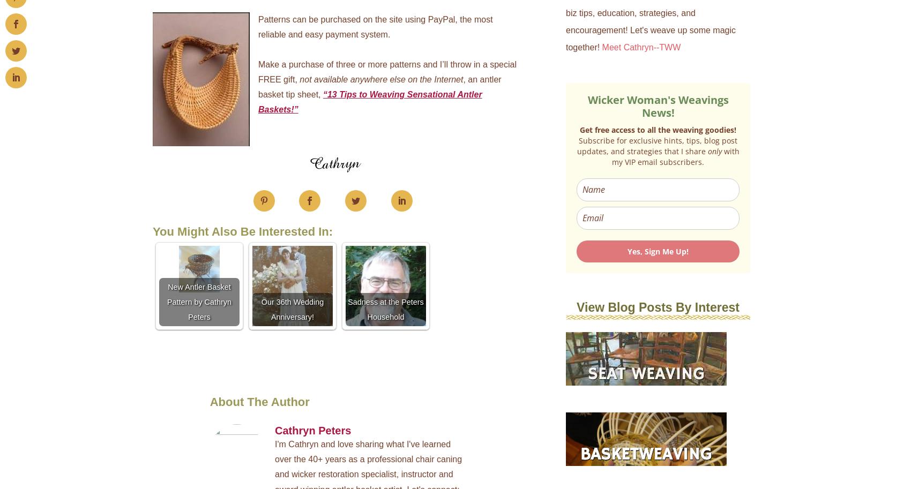 This screenshot has width=911, height=489. I want to click on 'Subscribe for exclusive hints, tips, blog post updates, and strategies that I share', so click(656, 145).